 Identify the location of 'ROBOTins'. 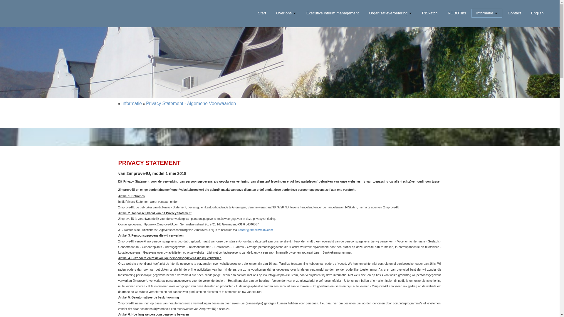
(456, 13).